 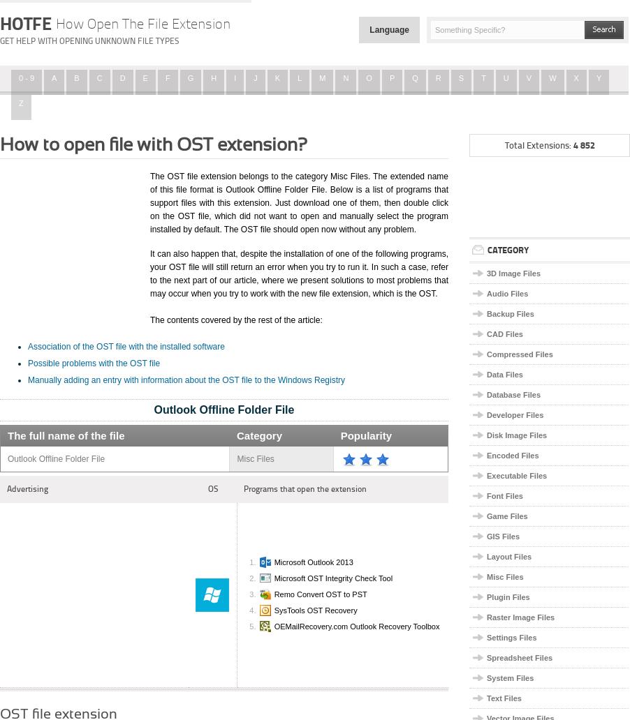 I want to click on 'Popularity', so click(x=365, y=435).